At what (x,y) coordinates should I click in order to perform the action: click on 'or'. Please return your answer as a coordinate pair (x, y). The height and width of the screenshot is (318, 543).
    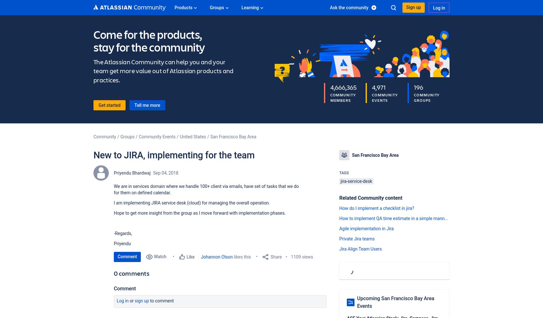
    Looking at the image, I should click on (131, 301).